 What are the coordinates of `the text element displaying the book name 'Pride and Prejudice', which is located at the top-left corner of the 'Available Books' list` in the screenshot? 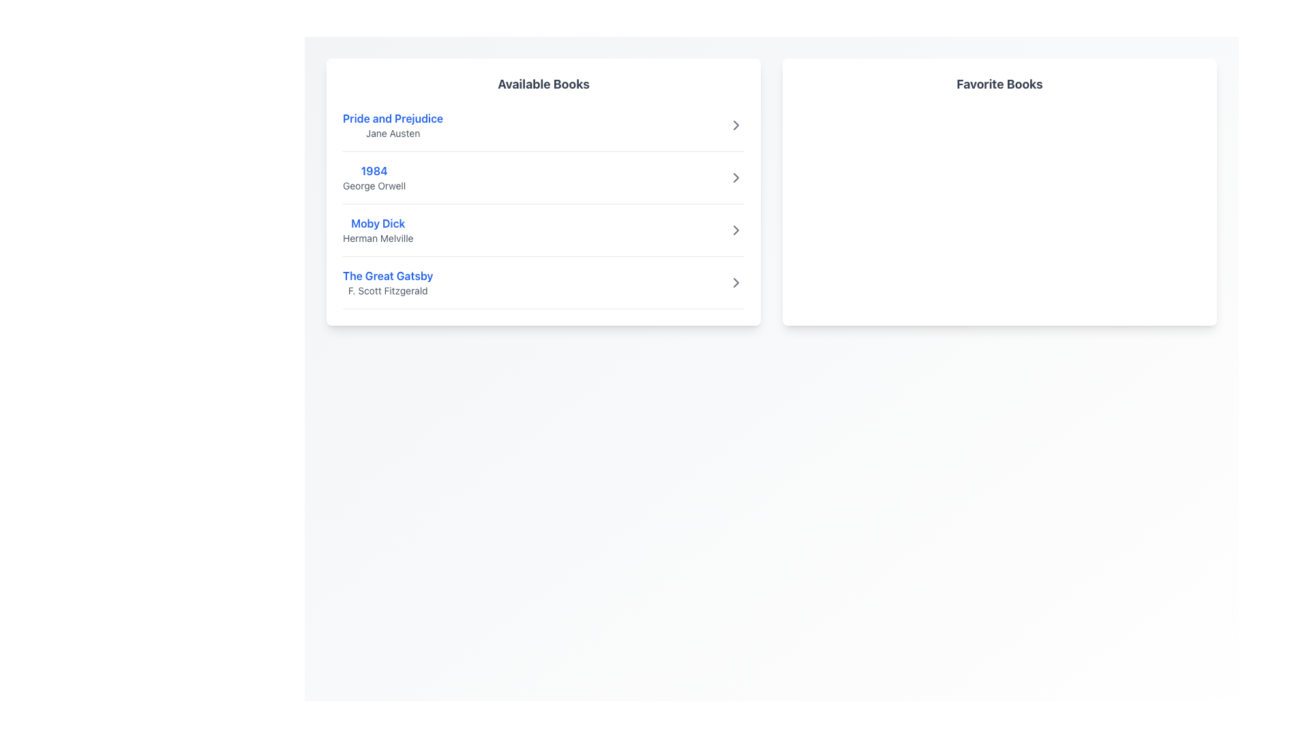 It's located at (392, 117).